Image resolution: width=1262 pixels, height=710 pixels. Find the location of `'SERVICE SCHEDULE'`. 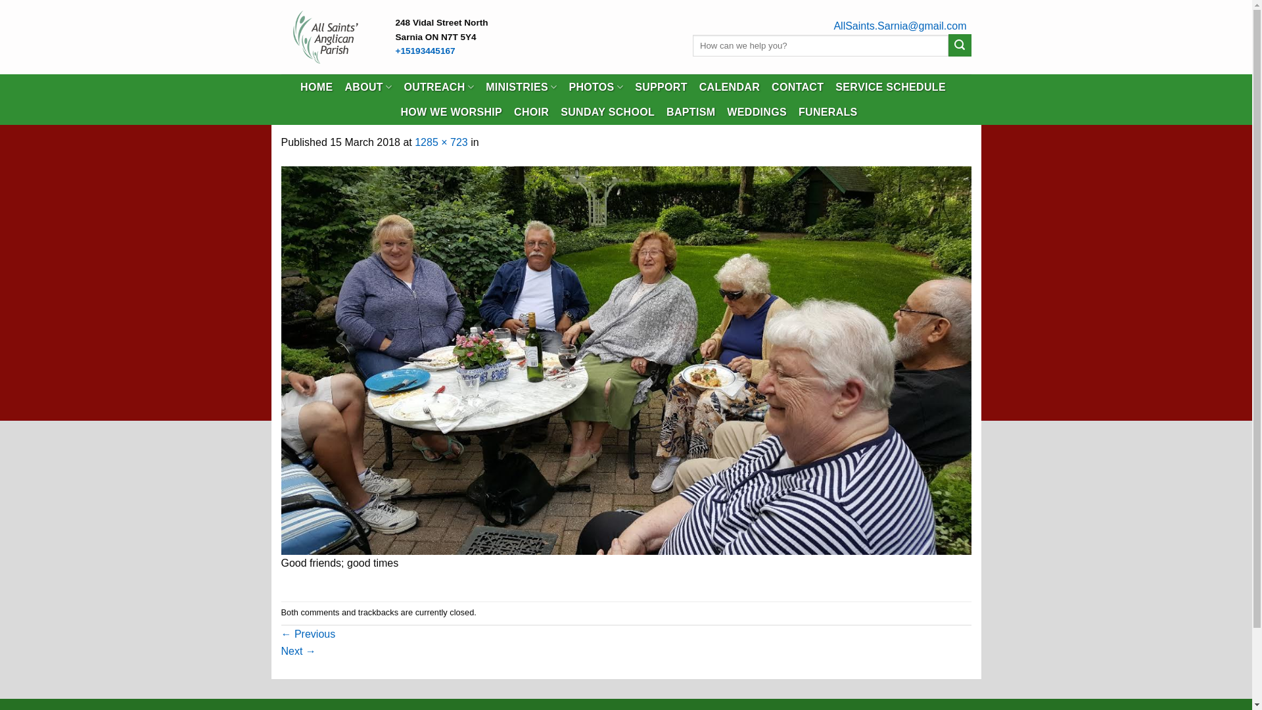

'SERVICE SCHEDULE' is located at coordinates (890, 87).